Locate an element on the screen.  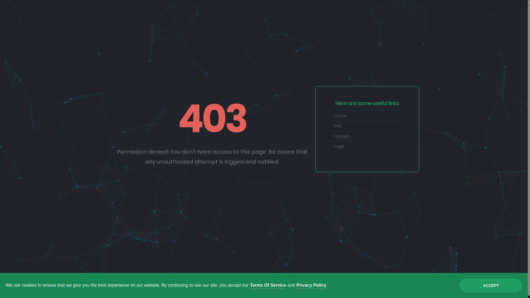
'Privacy Policy' is located at coordinates (311, 285).